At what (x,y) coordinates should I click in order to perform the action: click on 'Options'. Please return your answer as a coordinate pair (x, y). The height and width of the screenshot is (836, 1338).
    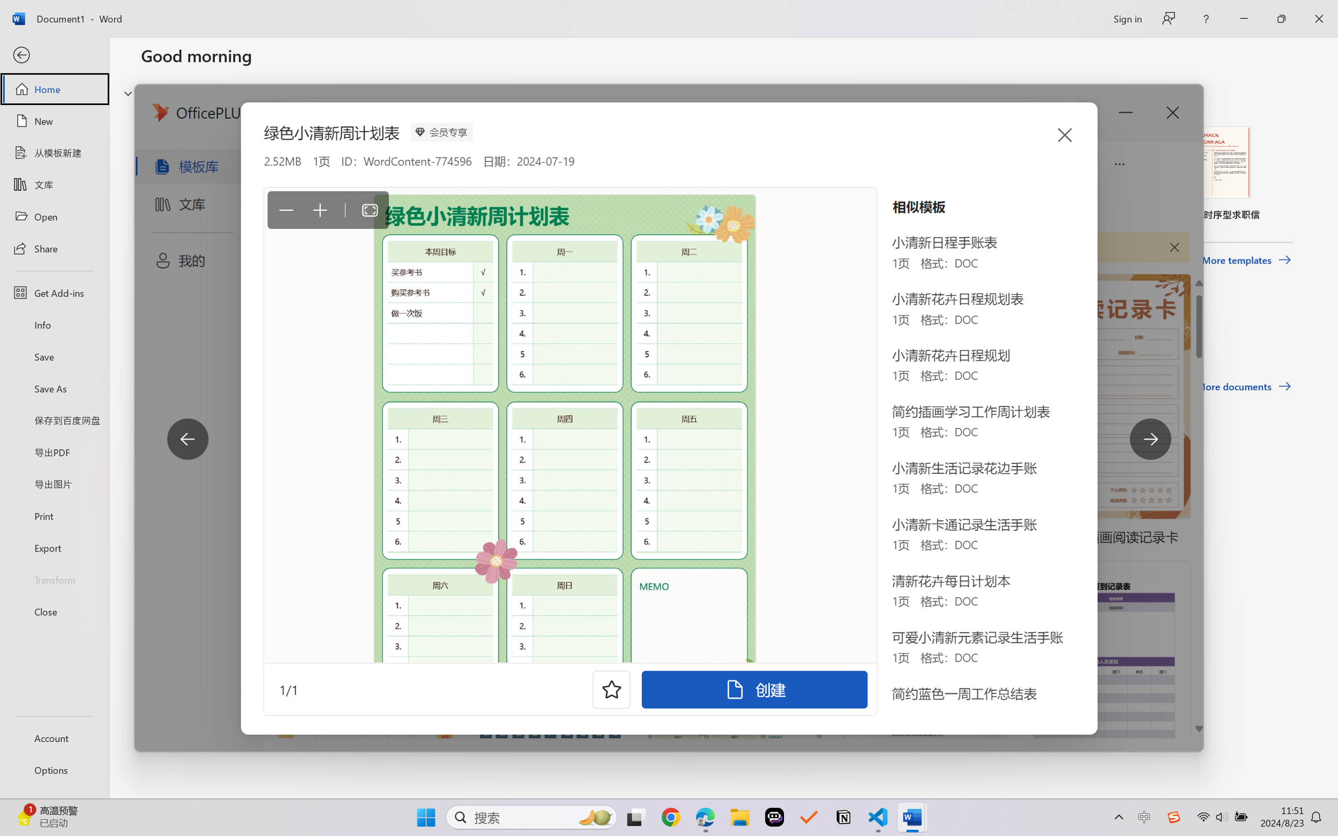
    Looking at the image, I should click on (54, 769).